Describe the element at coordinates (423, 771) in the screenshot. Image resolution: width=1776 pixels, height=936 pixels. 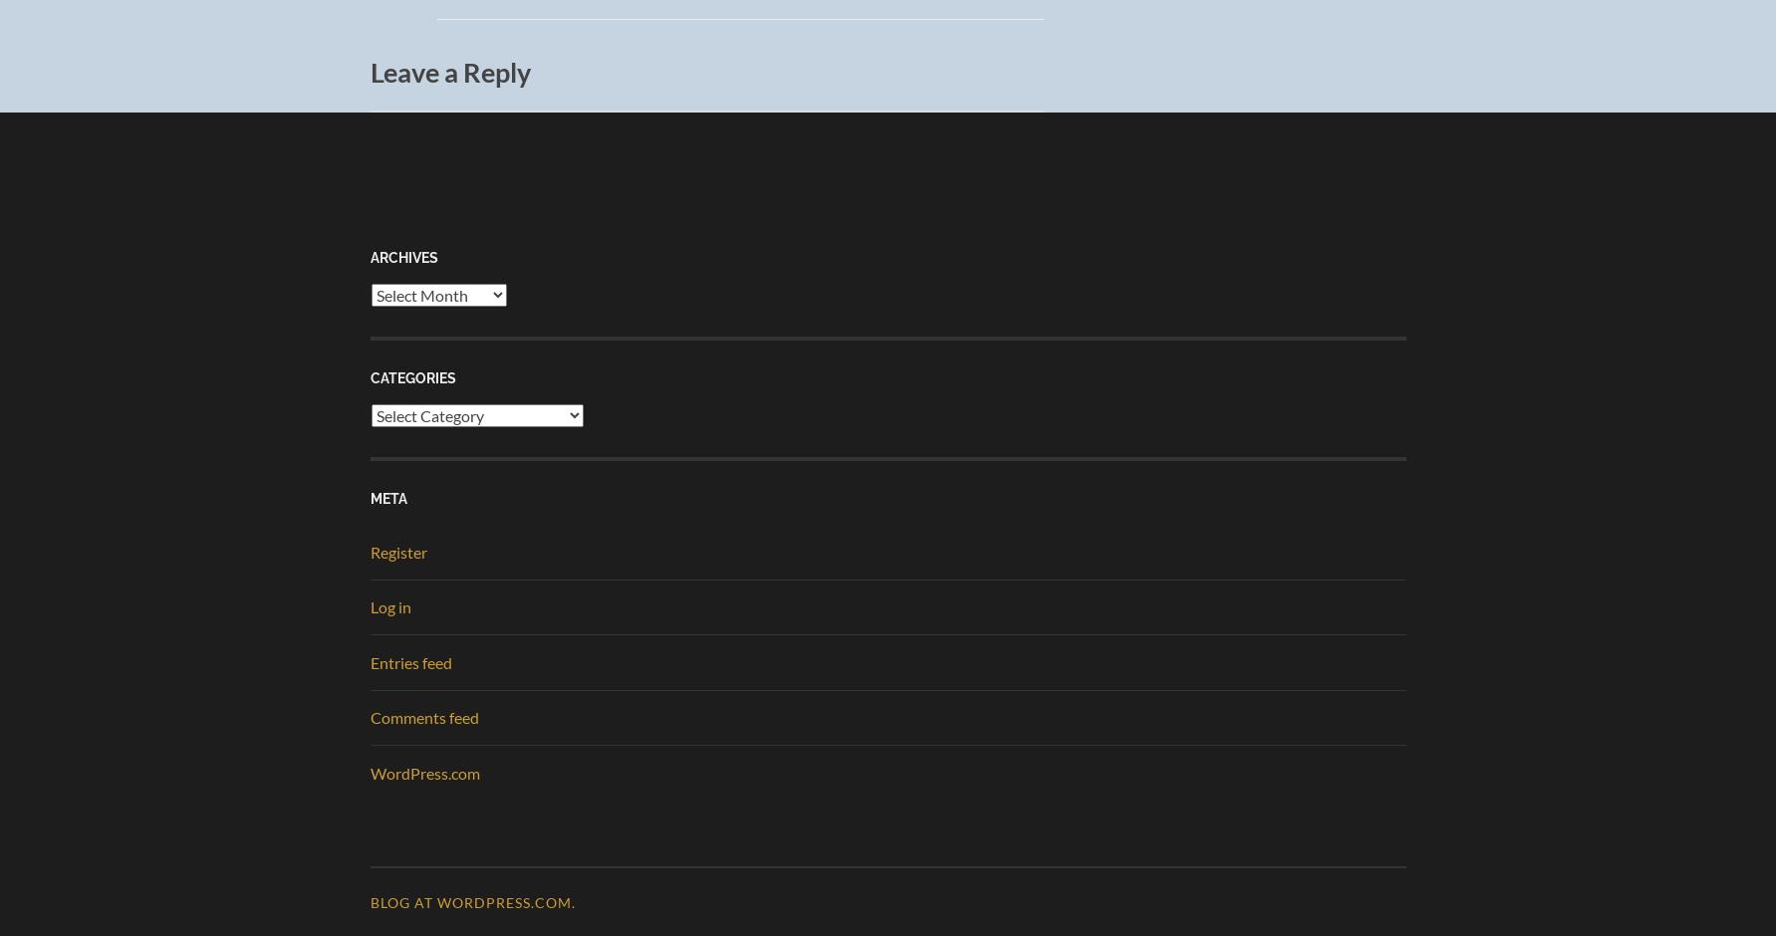
I see `'WordPress.com'` at that location.